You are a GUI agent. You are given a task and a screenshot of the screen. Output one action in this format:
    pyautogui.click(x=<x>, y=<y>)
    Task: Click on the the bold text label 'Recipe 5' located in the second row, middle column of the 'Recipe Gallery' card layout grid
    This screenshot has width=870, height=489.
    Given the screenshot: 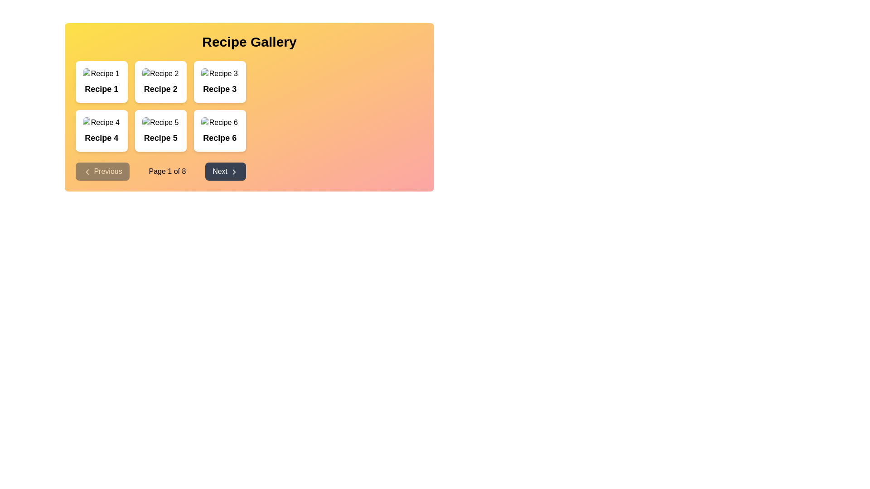 What is the action you would take?
    pyautogui.click(x=160, y=138)
    